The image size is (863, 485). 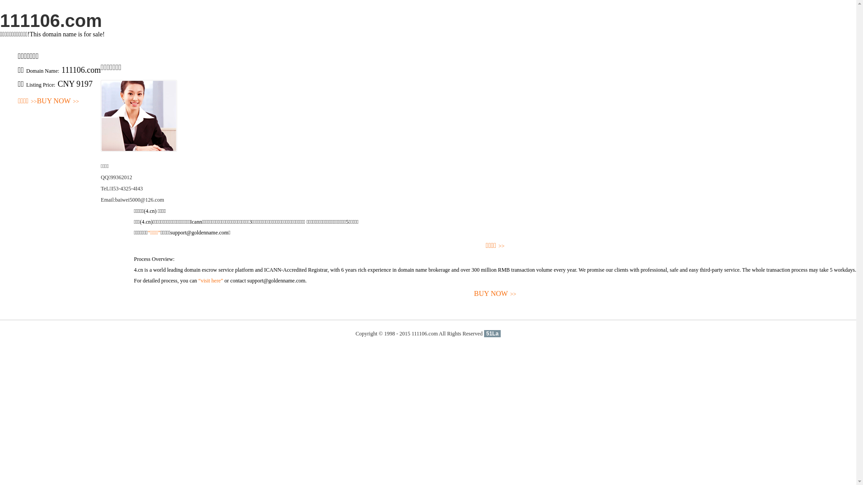 I want to click on '51La', so click(x=492, y=334).